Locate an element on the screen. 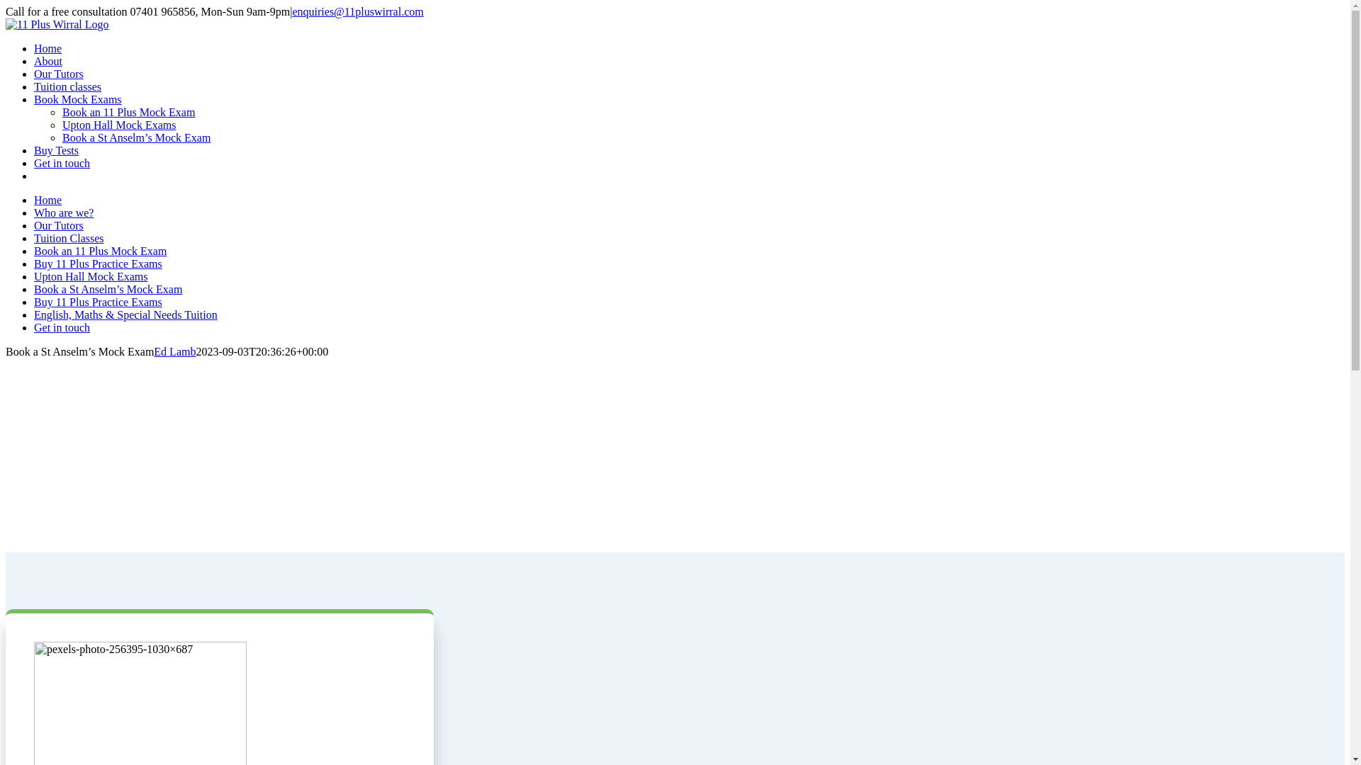 Image resolution: width=1361 pixels, height=765 pixels. 'Get in touch' is located at coordinates (61, 327).